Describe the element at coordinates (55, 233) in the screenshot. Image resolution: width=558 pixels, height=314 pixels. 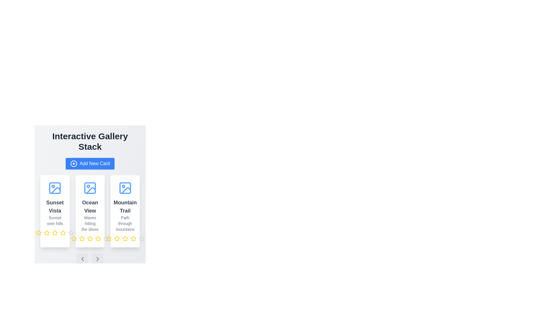
I see `the highlighted yellow star icon, which is the third star in a row of five within the 'Sunset Vista' card` at that location.